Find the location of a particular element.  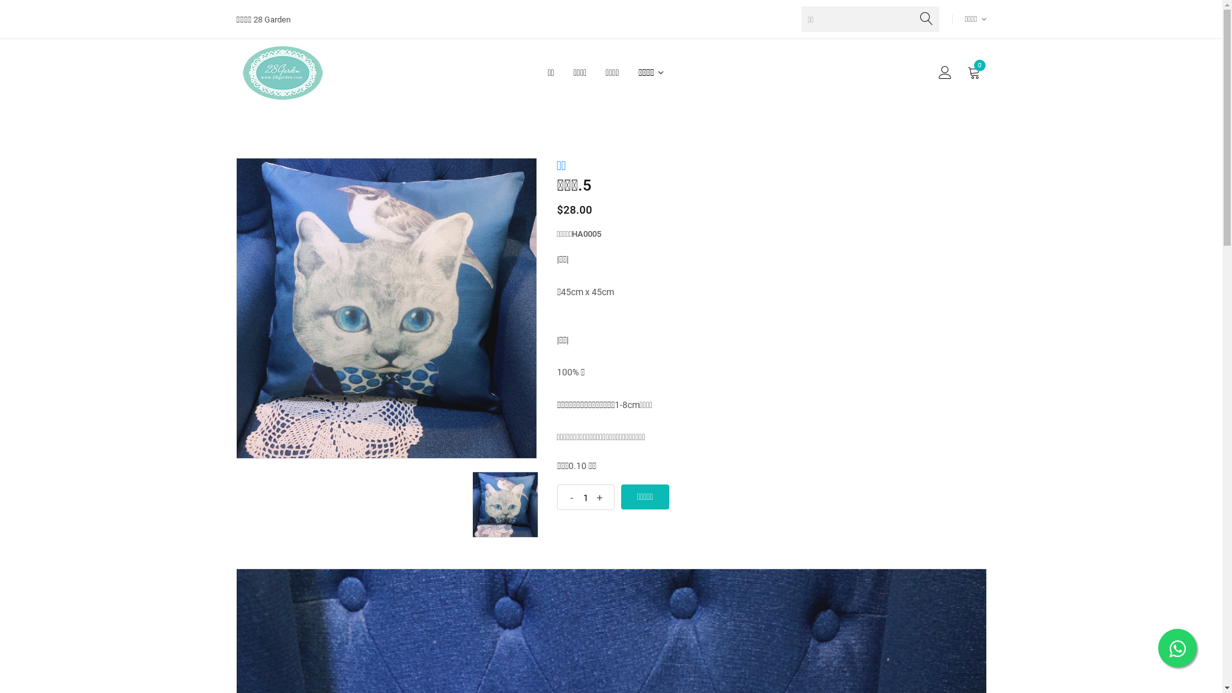

'0' is located at coordinates (973, 74).